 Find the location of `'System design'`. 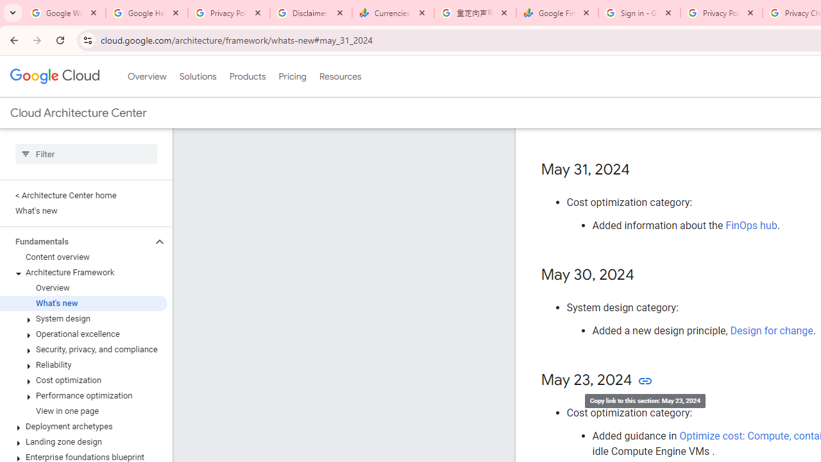

'System design' is located at coordinates (83, 318).